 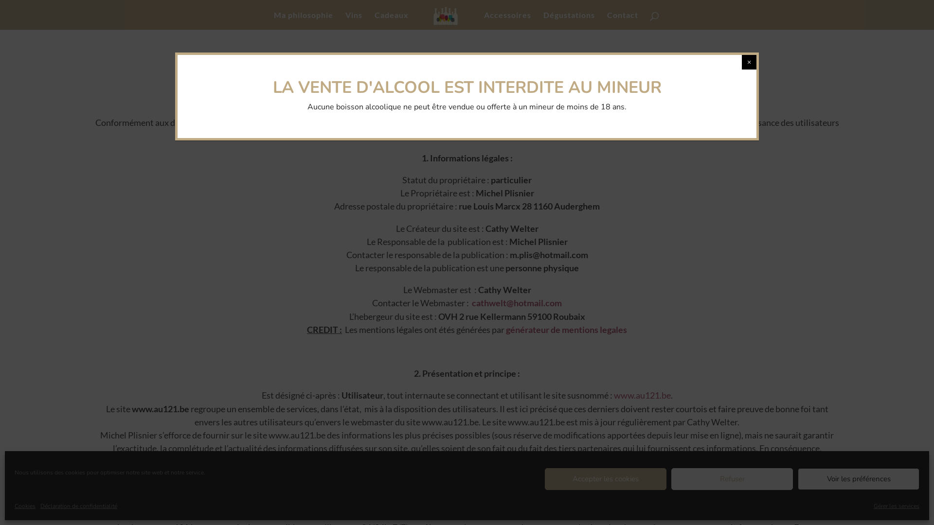 I want to click on 'Ma philosophie', so click(x=273, y=20).